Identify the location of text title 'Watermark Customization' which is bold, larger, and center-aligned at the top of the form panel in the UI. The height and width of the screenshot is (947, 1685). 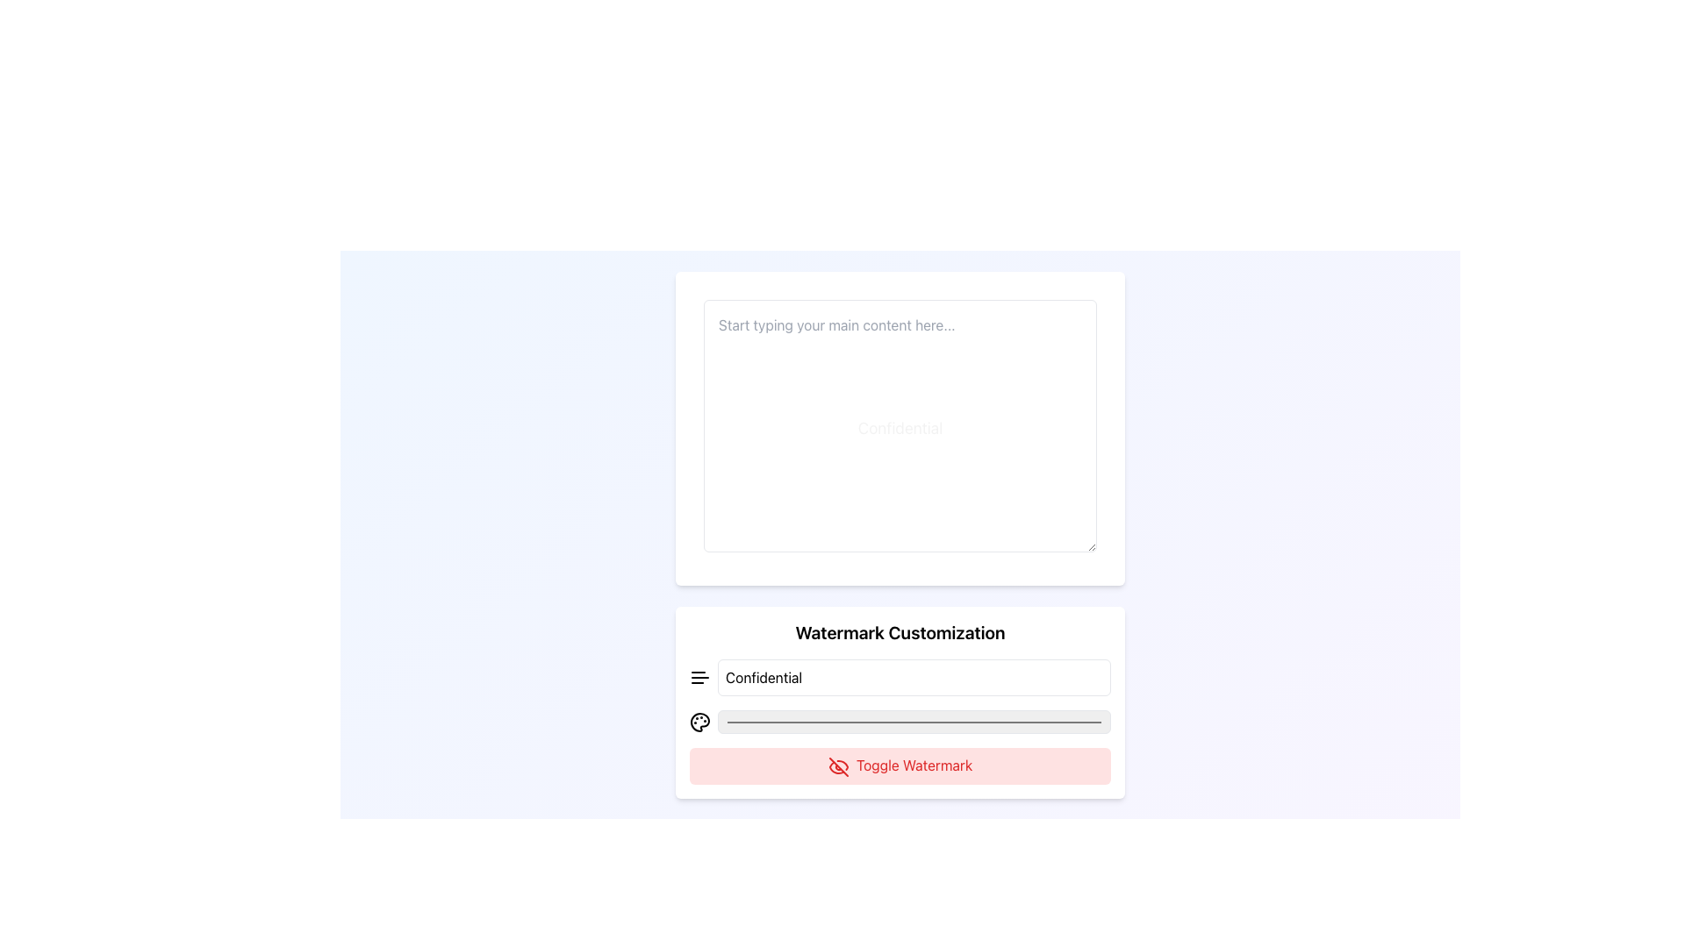
(900, 632).